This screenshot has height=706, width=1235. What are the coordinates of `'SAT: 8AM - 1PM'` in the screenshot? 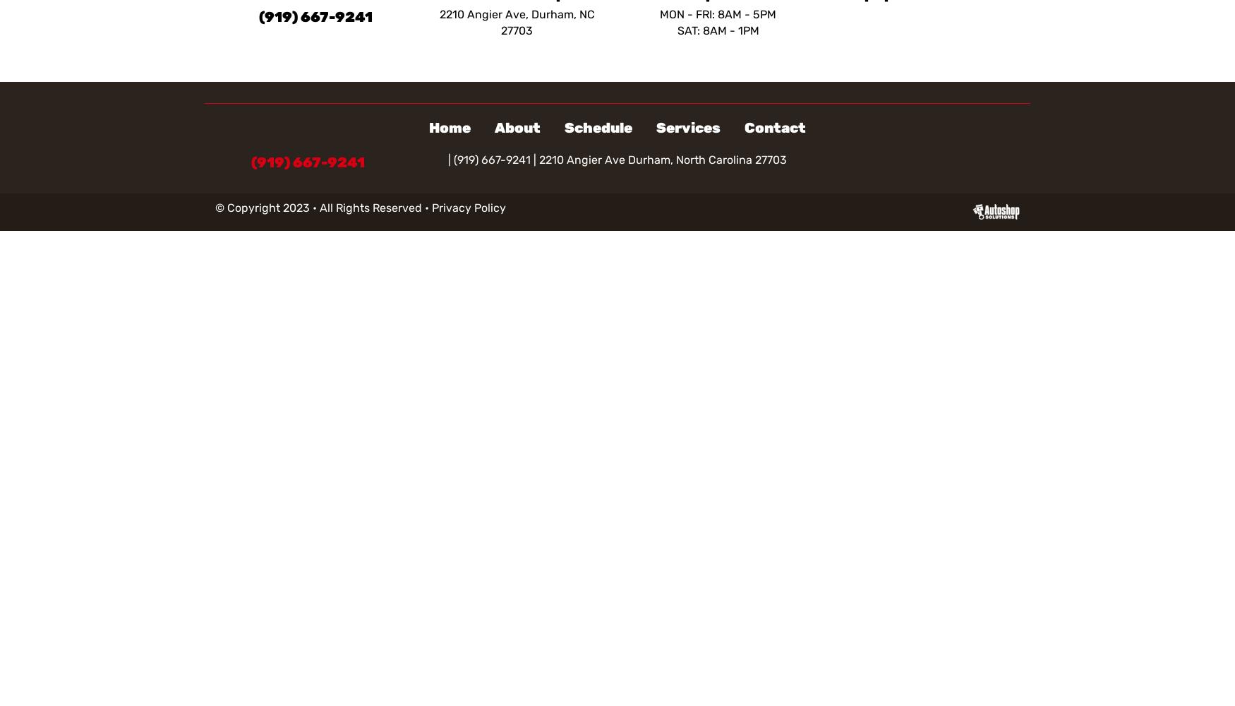 It's located at (716, 30).